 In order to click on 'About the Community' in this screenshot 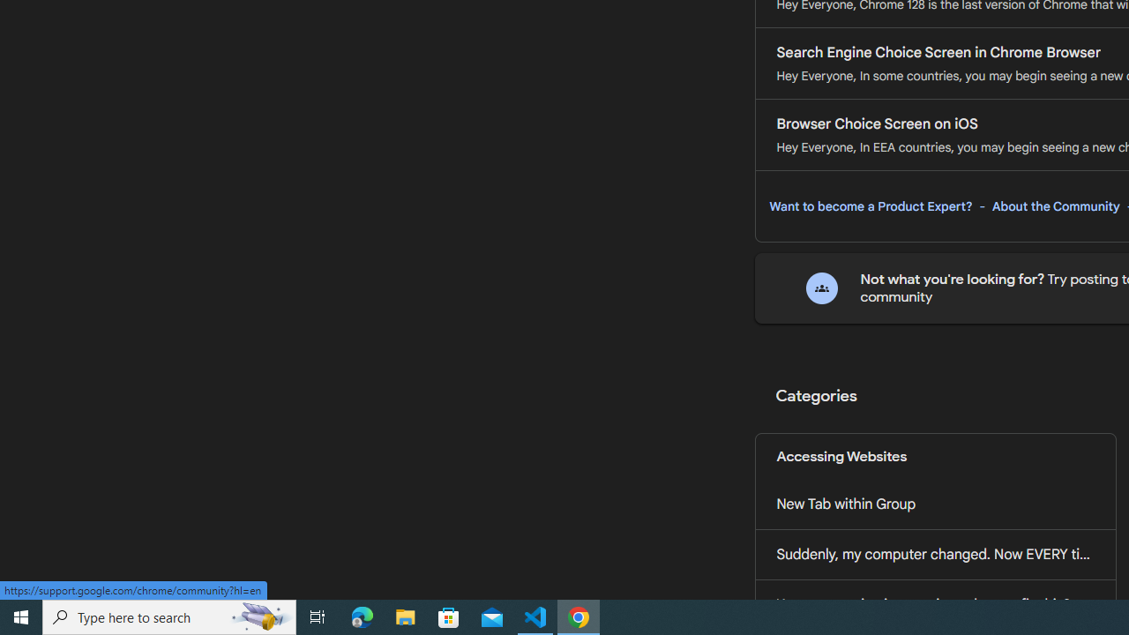, I will do `click(1056, 205)`.